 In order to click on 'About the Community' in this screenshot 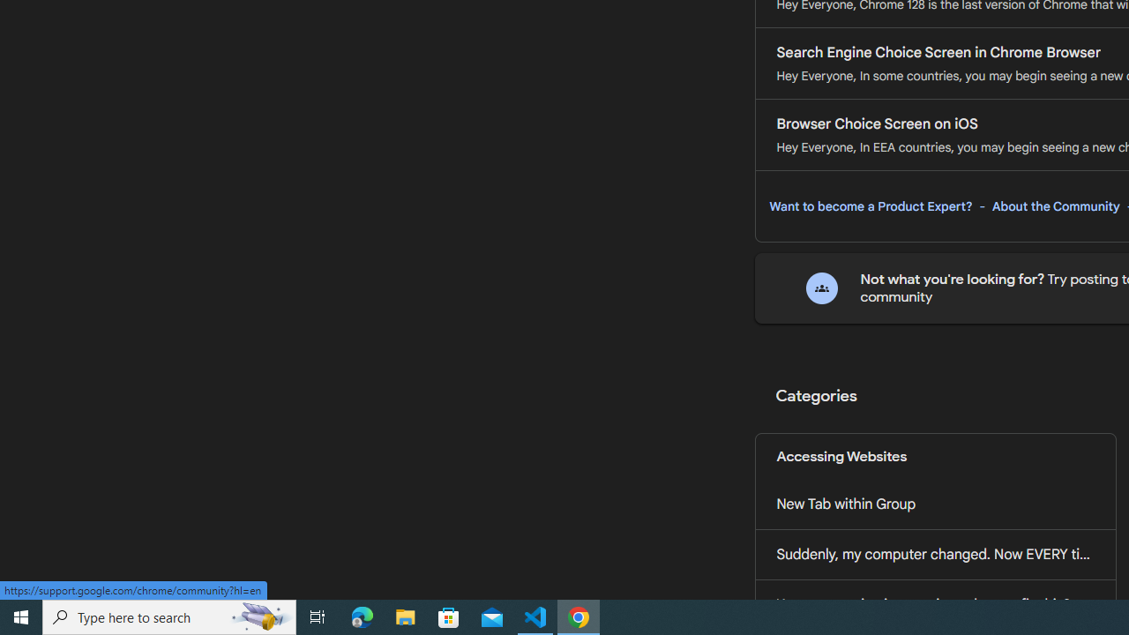, I will do `click(1056, 205)`.